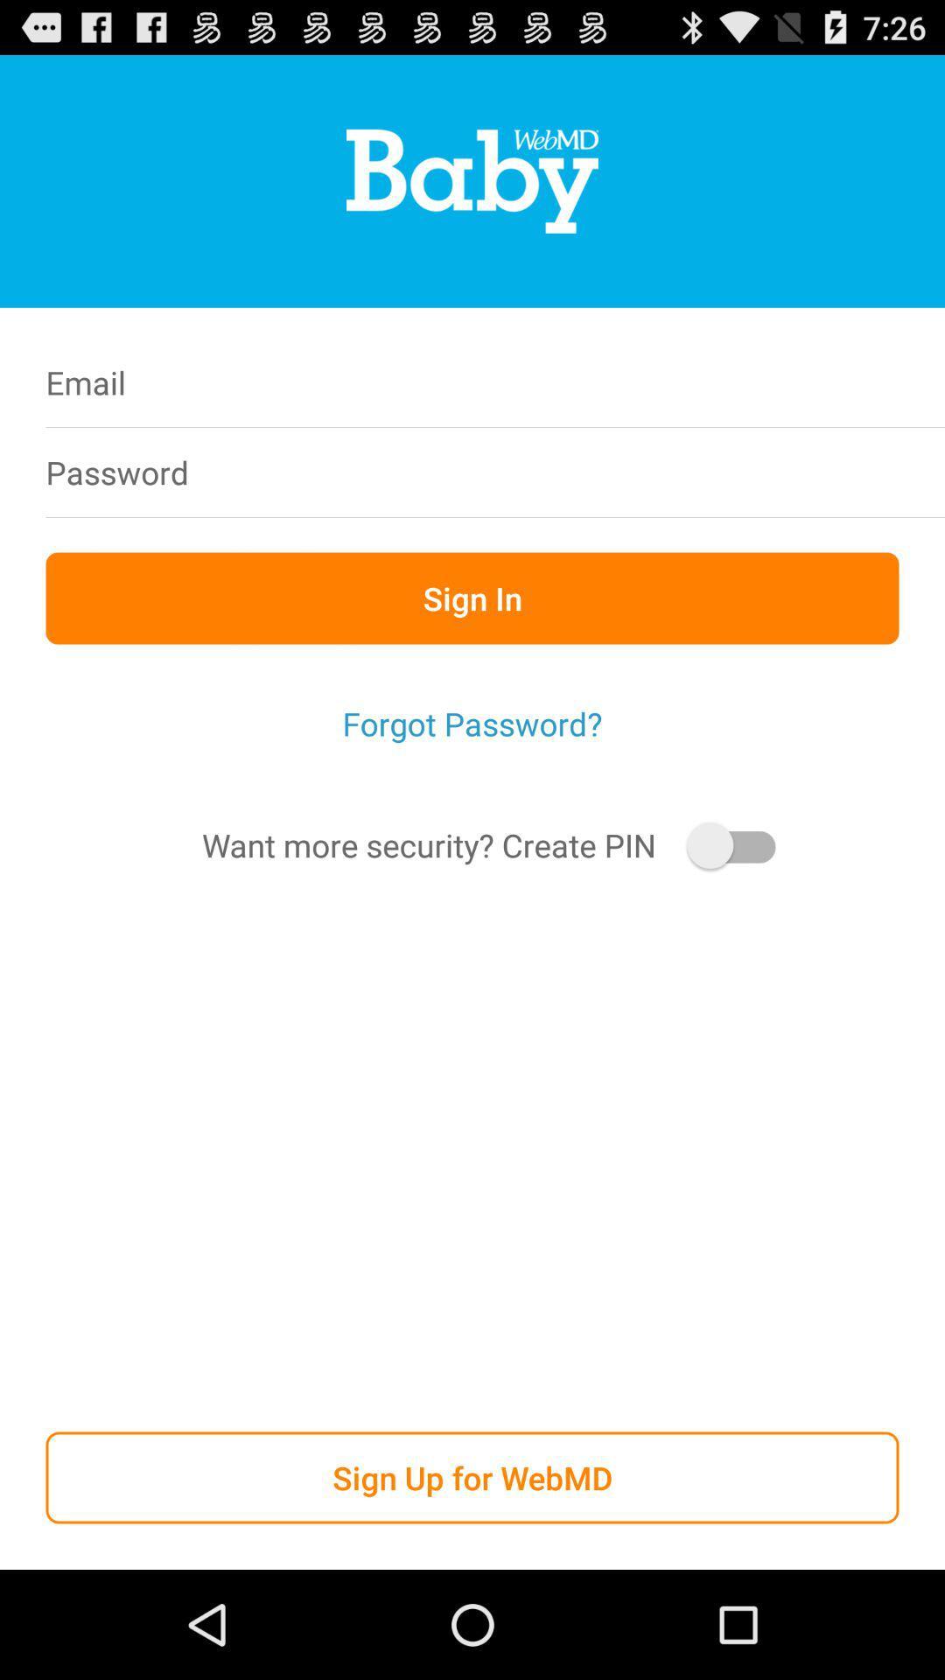  What do you see at coordinates (584, 381) in the screenshot?
I see `item to the right of email item` at bounding box center [584, 381].